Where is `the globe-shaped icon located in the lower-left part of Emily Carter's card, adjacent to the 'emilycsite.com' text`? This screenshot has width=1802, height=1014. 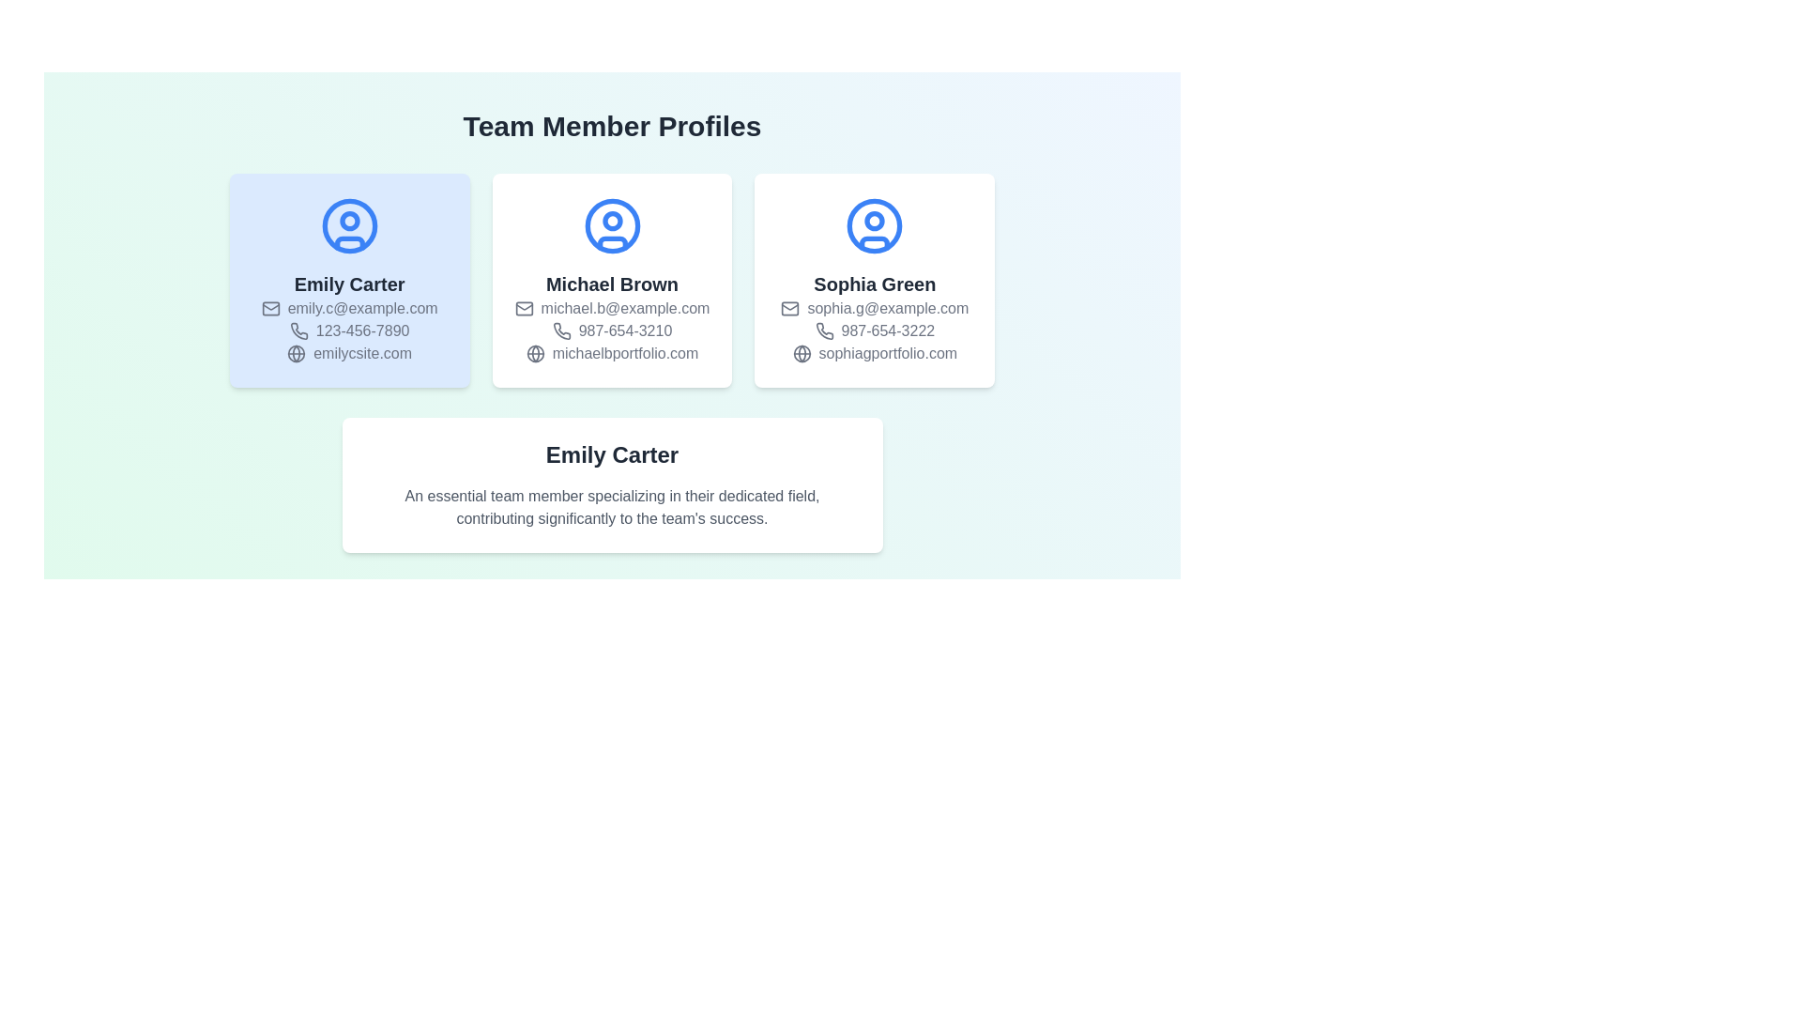
the globe-shaped icon located in the lower-left part of Emily Carter's card, adjacent to the 'emilycsite.com' text is located at coordinates (296, 354).